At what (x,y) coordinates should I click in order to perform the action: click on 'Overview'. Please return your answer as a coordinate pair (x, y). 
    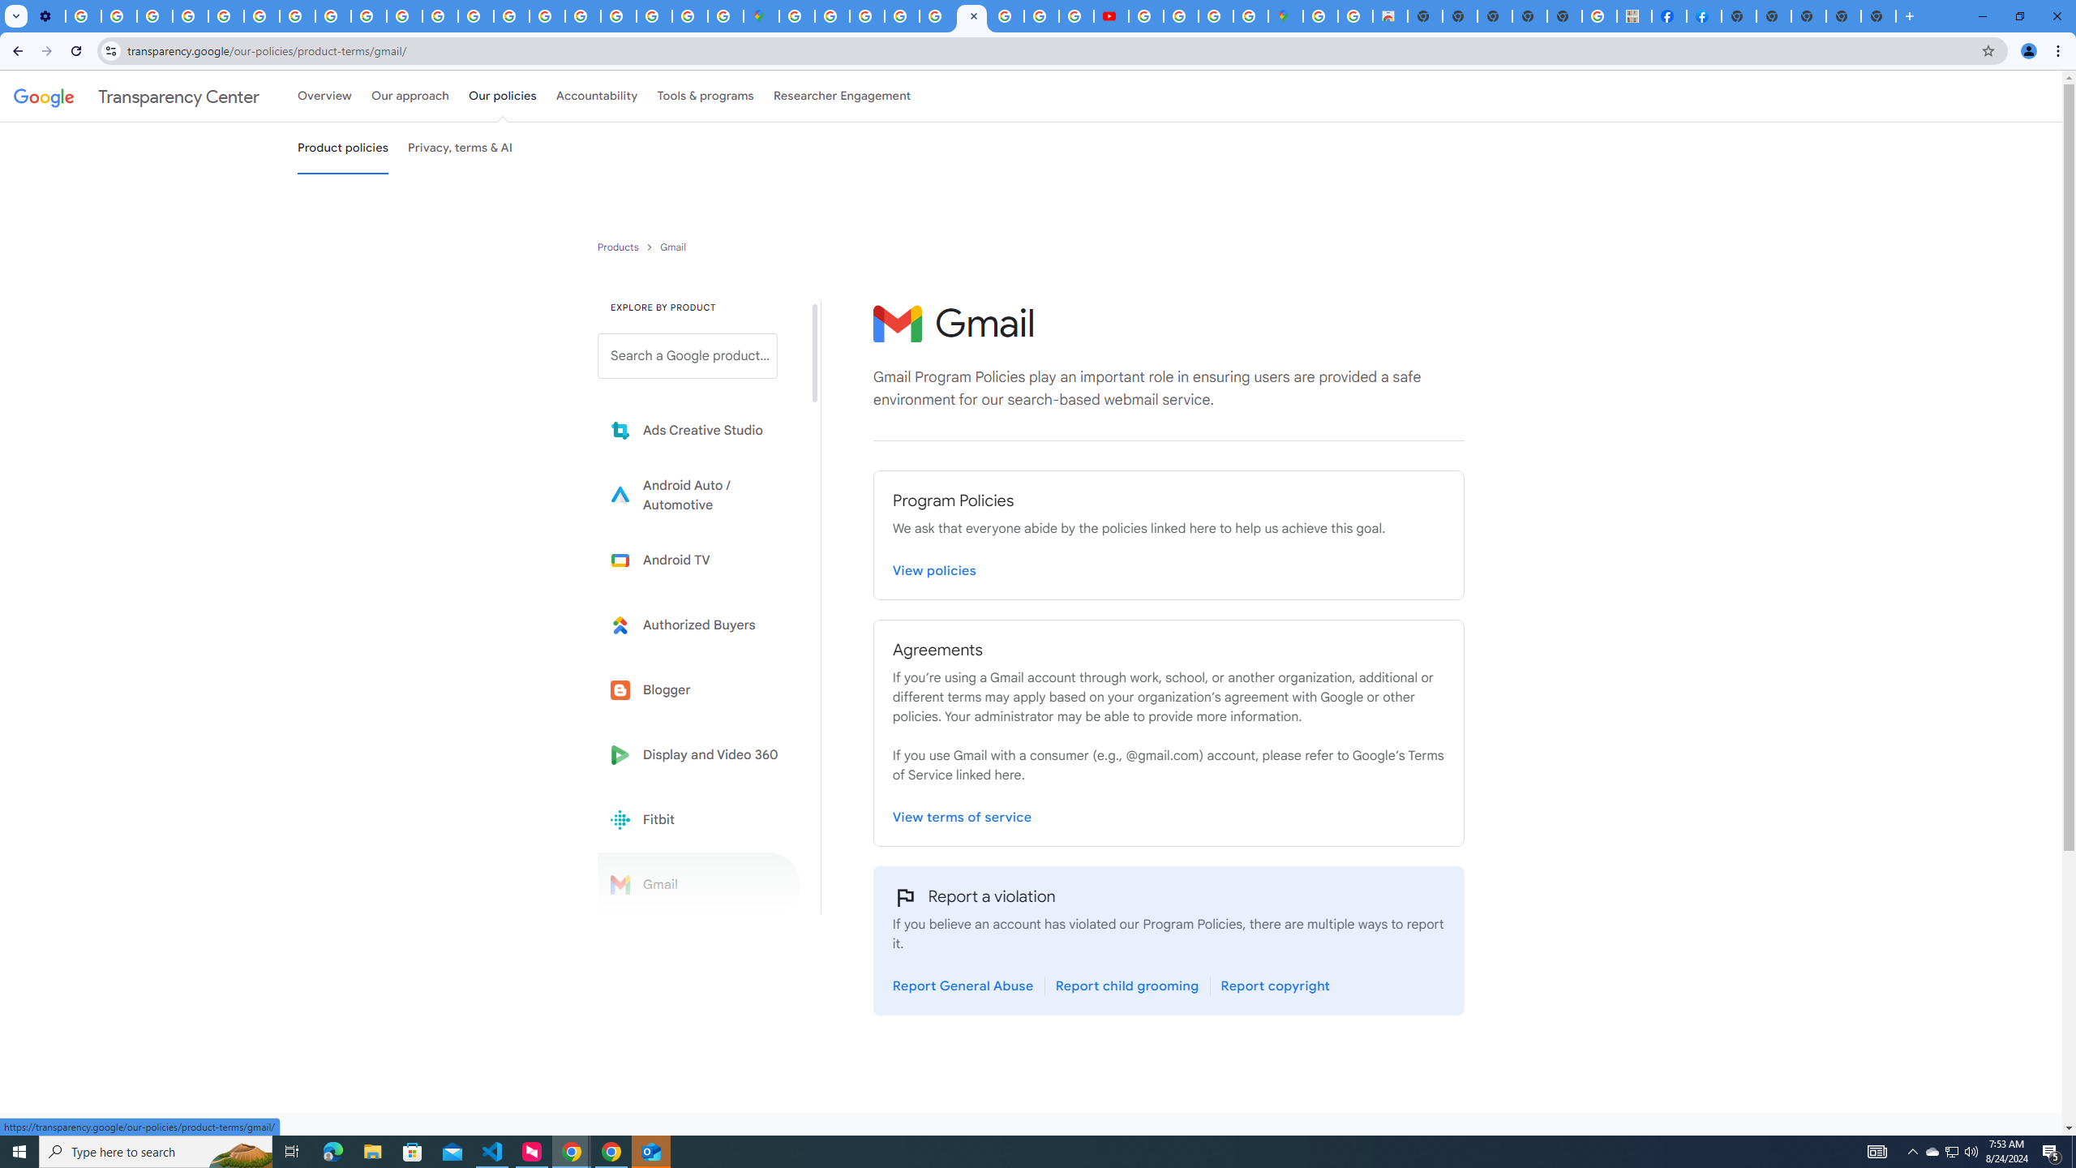
    Looking at the image, I should click on (324, 96).